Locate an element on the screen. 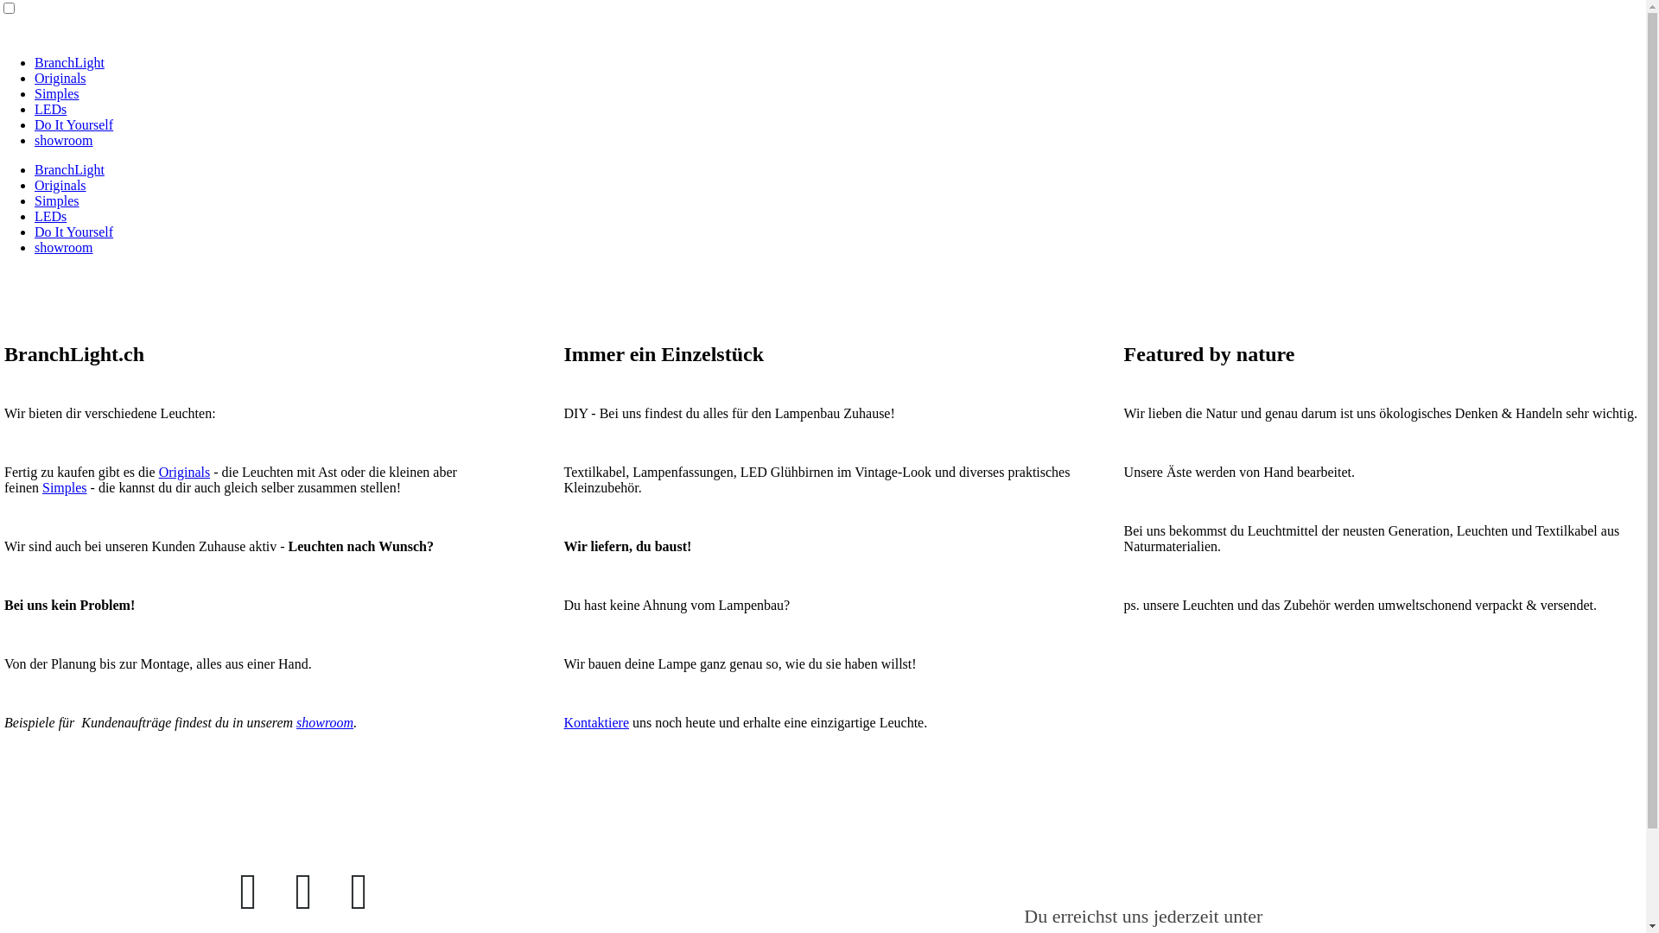  'Simples' is located at coordinates (34, 200).